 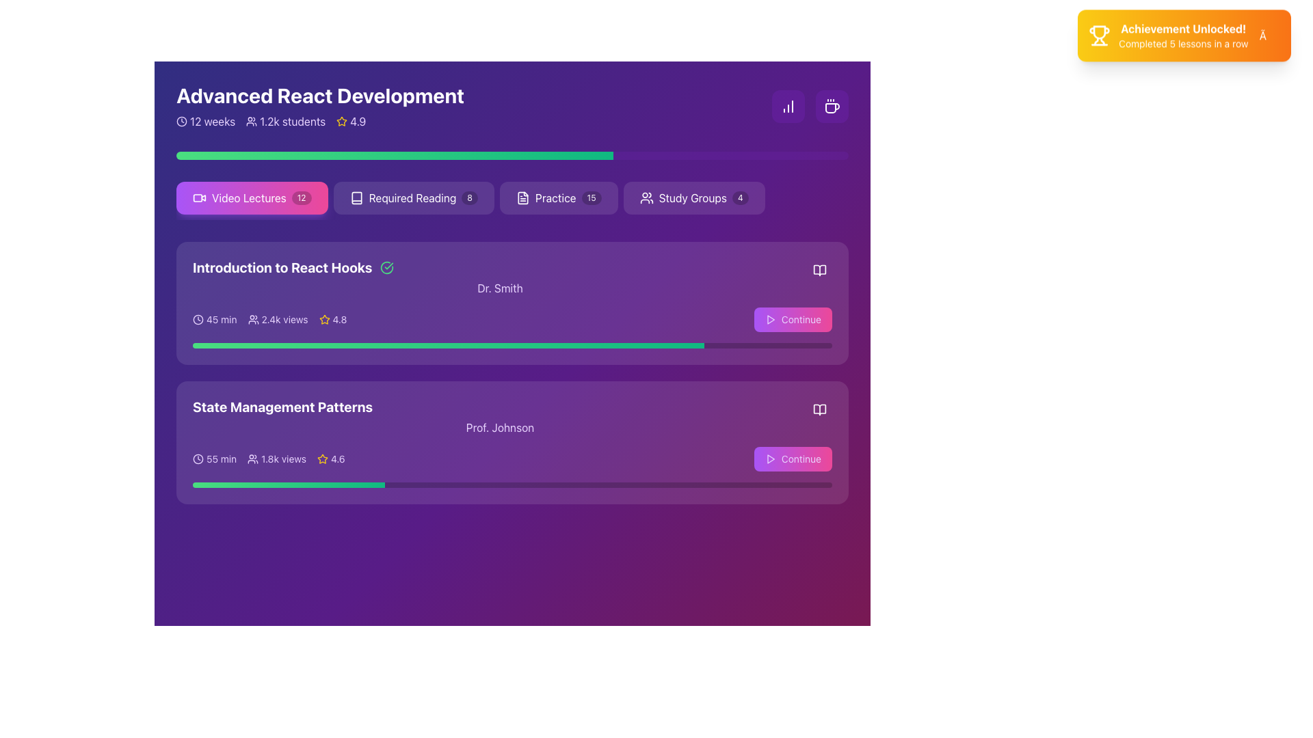 What do you see at coordinates (555, 197) in the screenshot?
I see `the Text Label located between 'Required Reading' and 'Study Groups'` at bounding box center [555, 197].